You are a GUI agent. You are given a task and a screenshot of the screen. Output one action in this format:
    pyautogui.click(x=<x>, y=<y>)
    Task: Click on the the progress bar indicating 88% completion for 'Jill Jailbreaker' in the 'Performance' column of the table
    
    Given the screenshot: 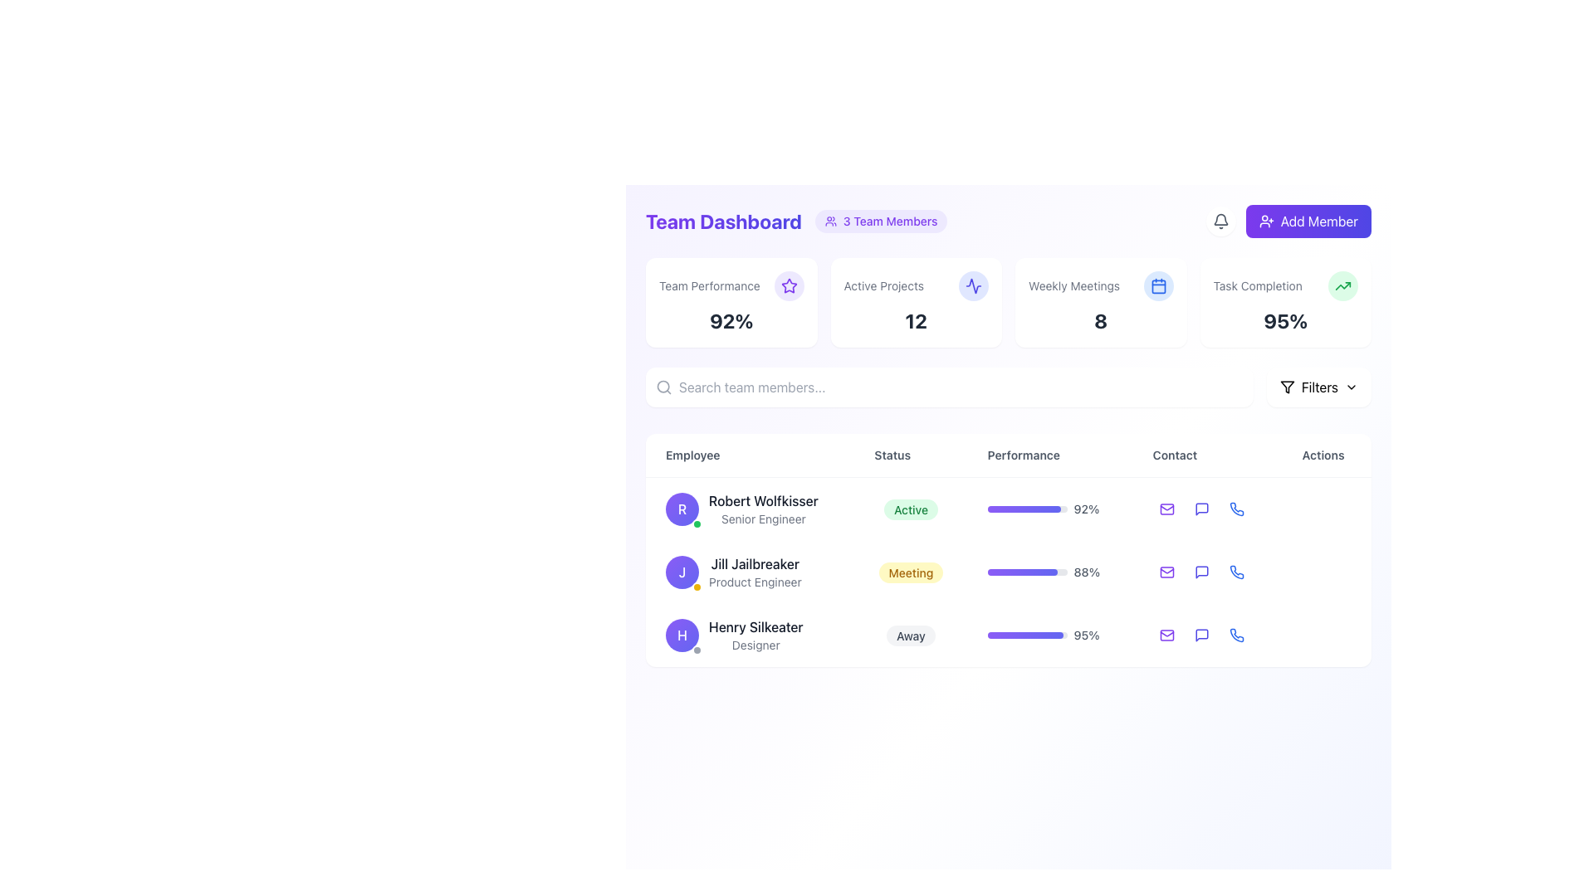 What is the action you would take?
    pyautogui.click(x=1026, y=572)
    